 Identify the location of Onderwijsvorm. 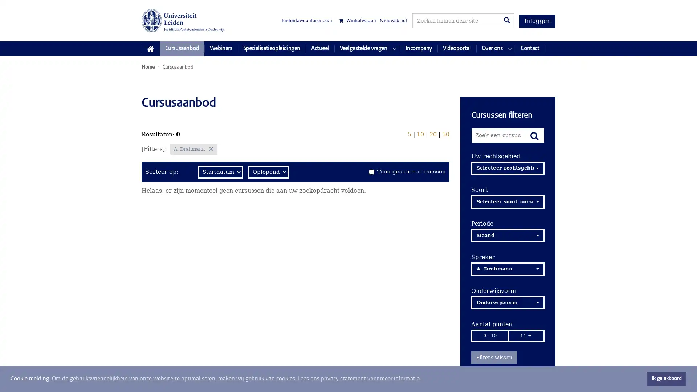
(507, 302).